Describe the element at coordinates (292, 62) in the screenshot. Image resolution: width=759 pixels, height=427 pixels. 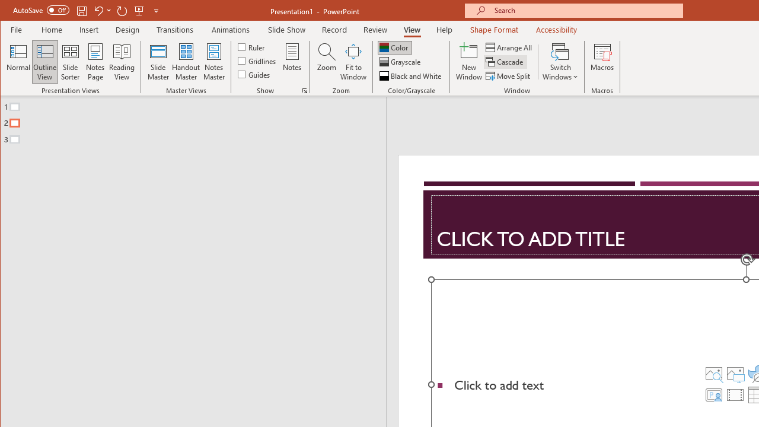
I see `'Notes'` at that location.